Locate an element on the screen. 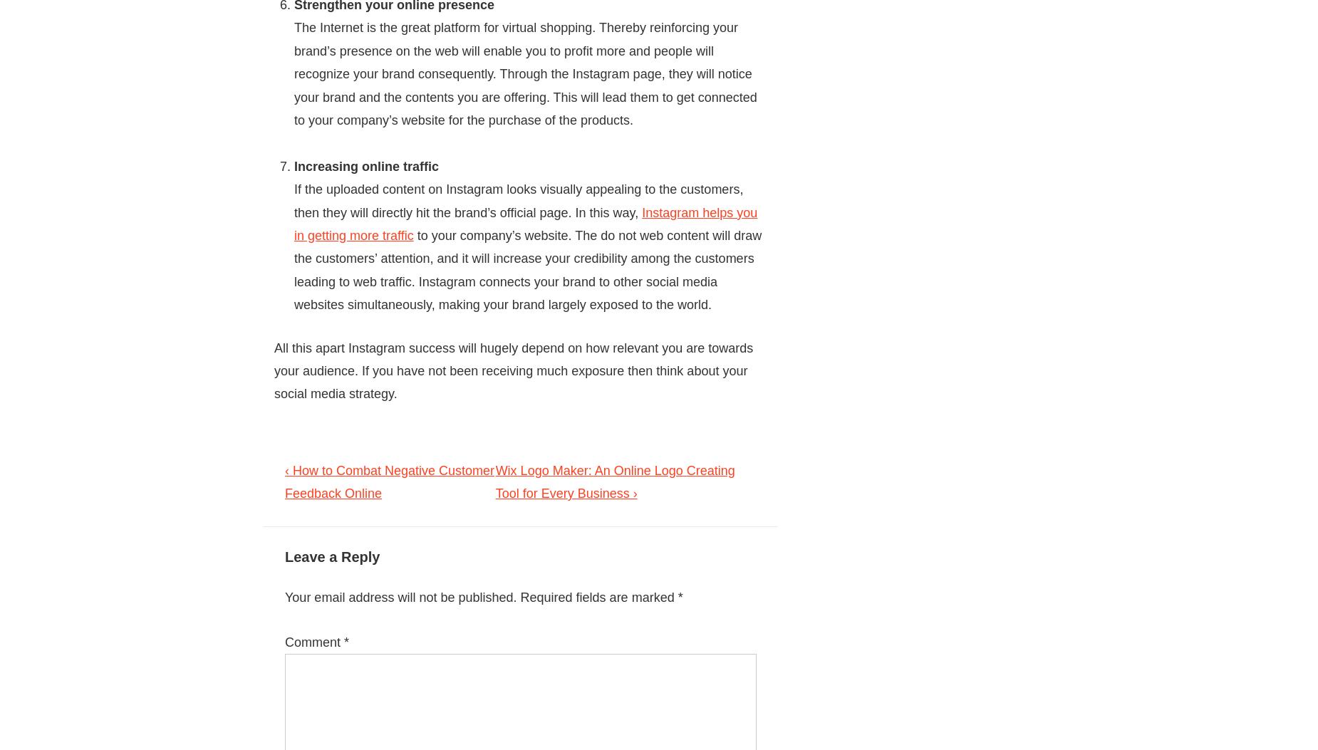 Image resolution: width=1318 pixels, height=750 pixels. 'The Internet is the great platform for virtual shopping. Thereby reinforcing your brand’s presence on the web will enable you to profit more and people will recognize your brand consequently. Through the Instagram page, they will notice your brand and the contents you are offering. This will lead them to get connected to your company’s website for the purchase of the products.' is located at coordinates (293, 74).